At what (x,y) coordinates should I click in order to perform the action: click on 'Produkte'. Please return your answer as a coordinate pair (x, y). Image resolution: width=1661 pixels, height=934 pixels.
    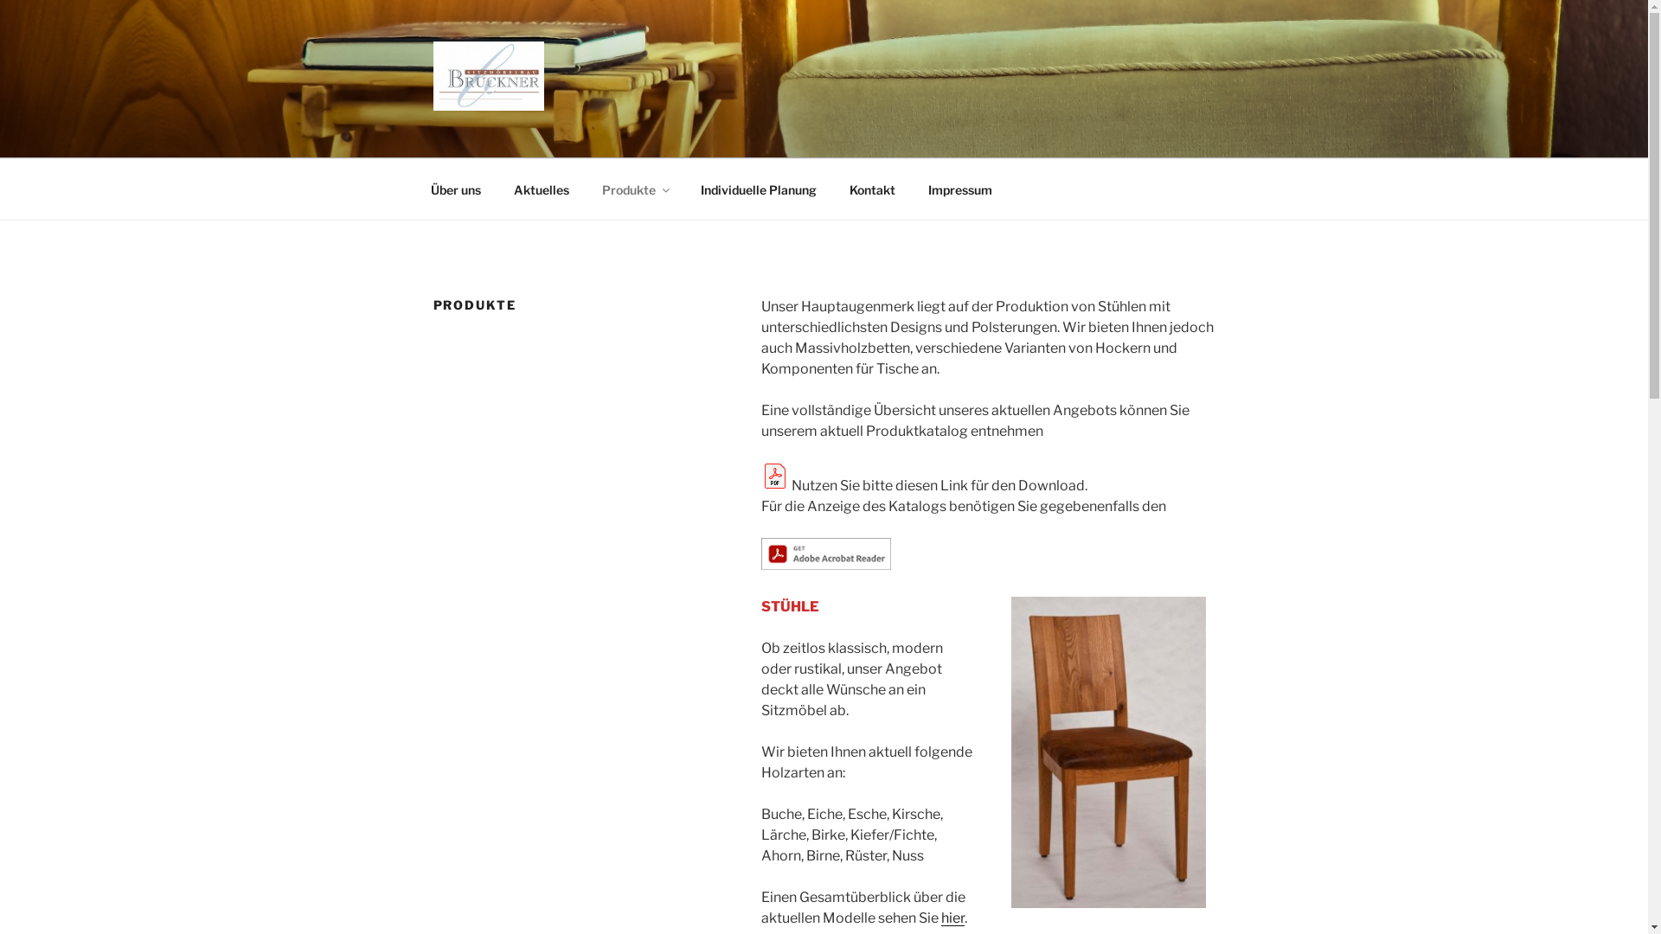
    Looking at the image, I should click on (633, 189).